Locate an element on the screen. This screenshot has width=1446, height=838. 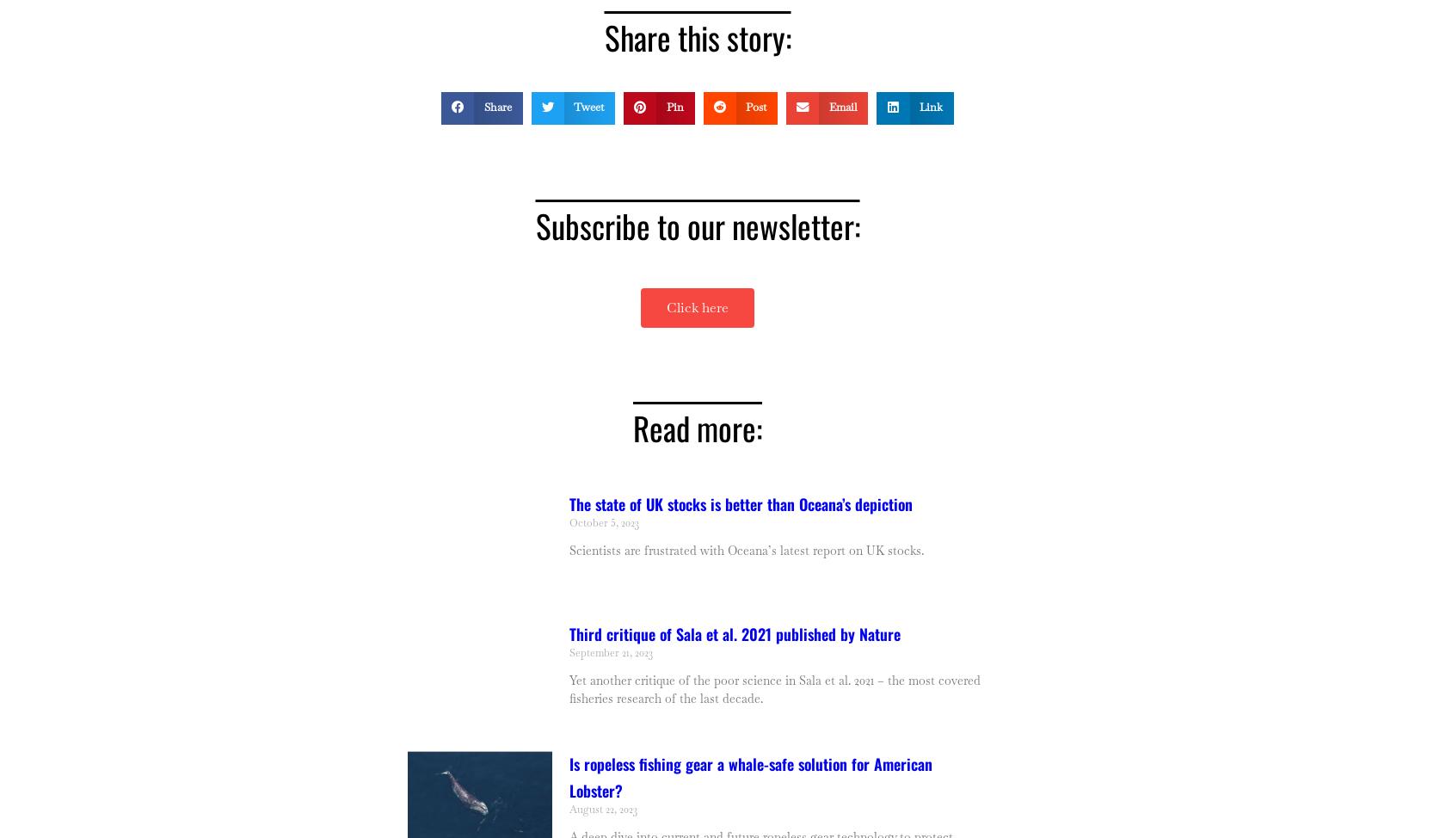
'Tweet' is located at coordinates (573, 106).